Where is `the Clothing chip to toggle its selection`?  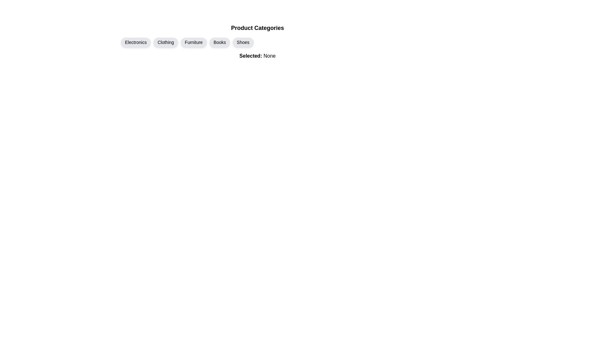
the Clothing chip to toggle its selection is located at coordinates (165, 42).